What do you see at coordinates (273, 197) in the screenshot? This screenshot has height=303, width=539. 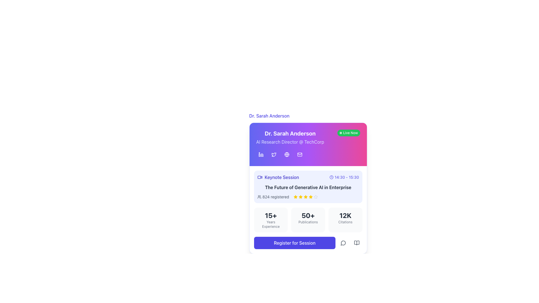 I see `the text label displaying the count of people registered for the session, which is located within the card UI below the session title and time, to the left of the star rating icons` at bounding box center [273, 197].